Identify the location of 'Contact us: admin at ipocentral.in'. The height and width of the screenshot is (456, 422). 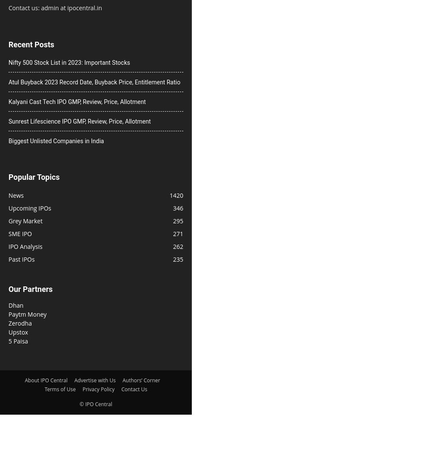
(55, 7).